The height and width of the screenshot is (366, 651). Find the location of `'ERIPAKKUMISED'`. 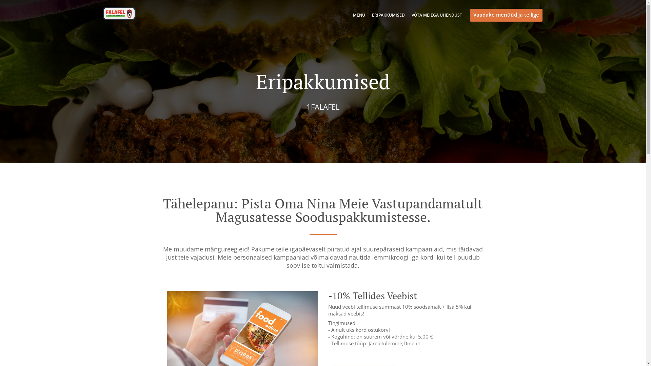

'ERIPAKKUMISED' is located at coordinates (371, 15).